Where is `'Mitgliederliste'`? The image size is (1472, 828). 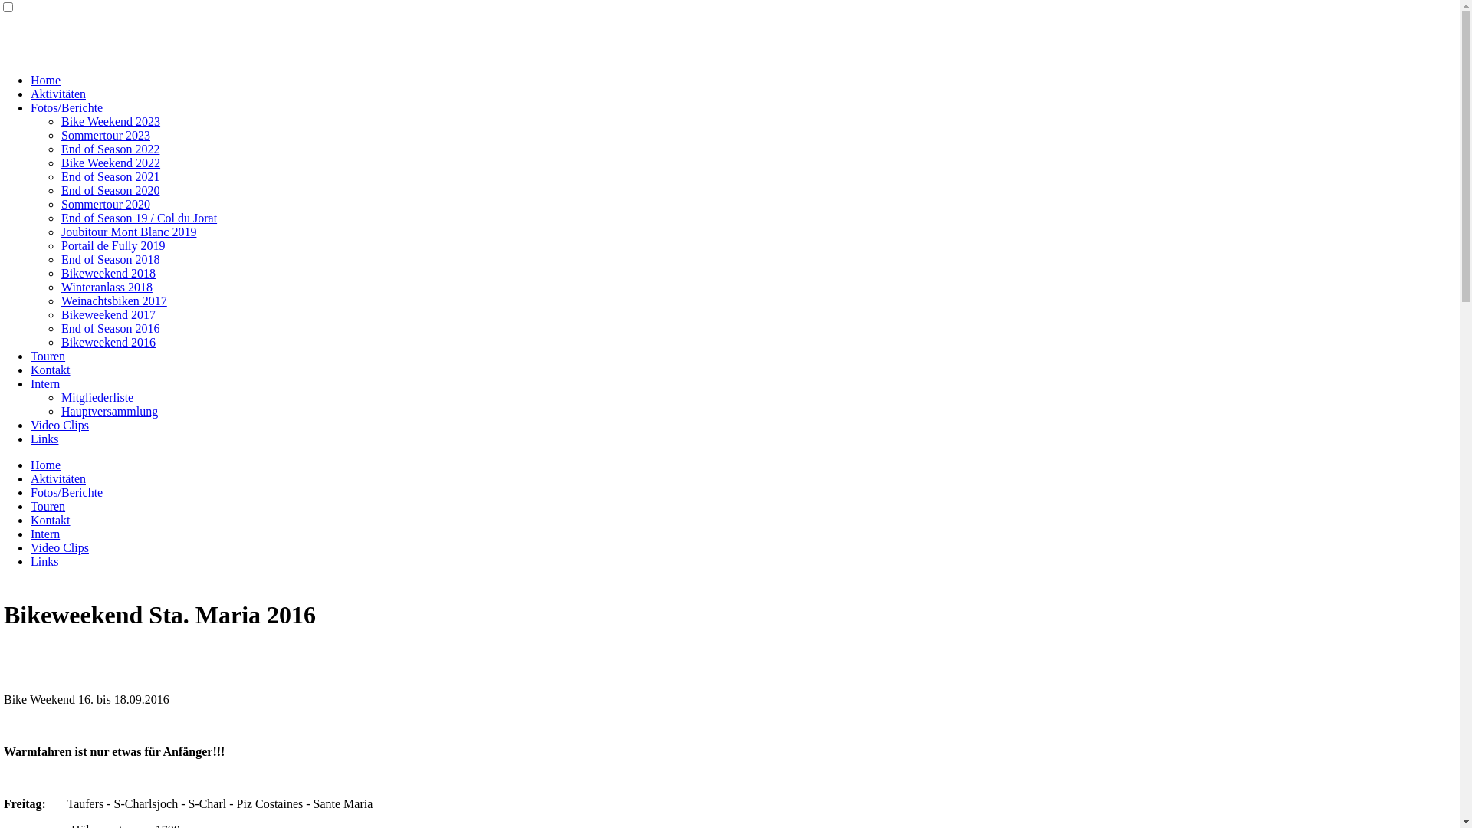 'Mitgliederliste' is located at coordinates (61, 396).